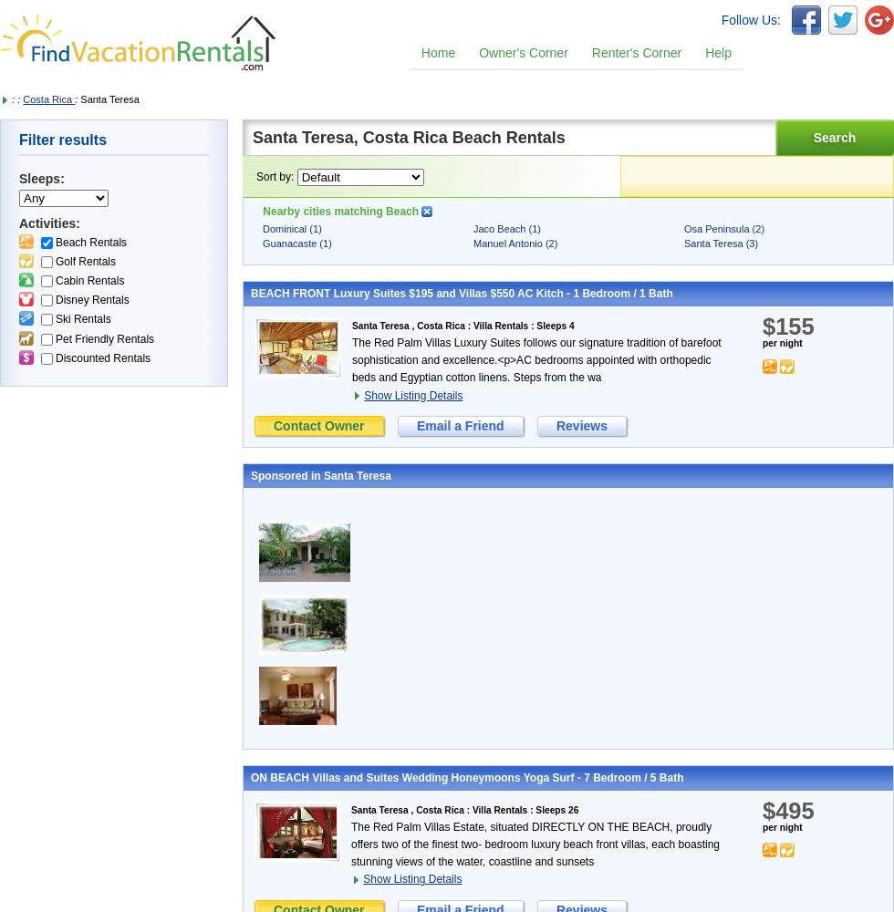 This screenshot has width=894, height=912. Describe the element at coordinates (18, 140) in the screenshot. I see `'Filter results'` at that location.